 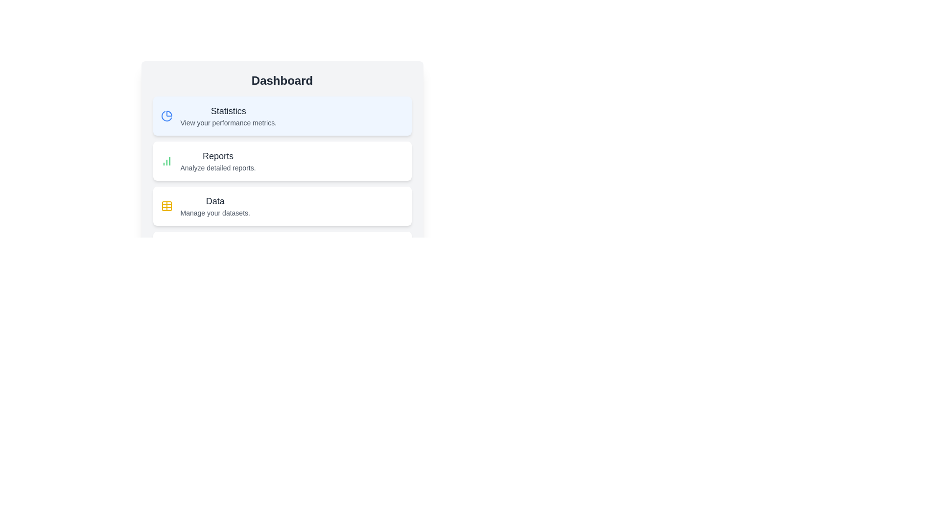 What do you see at coordinates (282, 115) in the screenshot?
I see `the section Statistics from the list` at bounding box center [282, 115].